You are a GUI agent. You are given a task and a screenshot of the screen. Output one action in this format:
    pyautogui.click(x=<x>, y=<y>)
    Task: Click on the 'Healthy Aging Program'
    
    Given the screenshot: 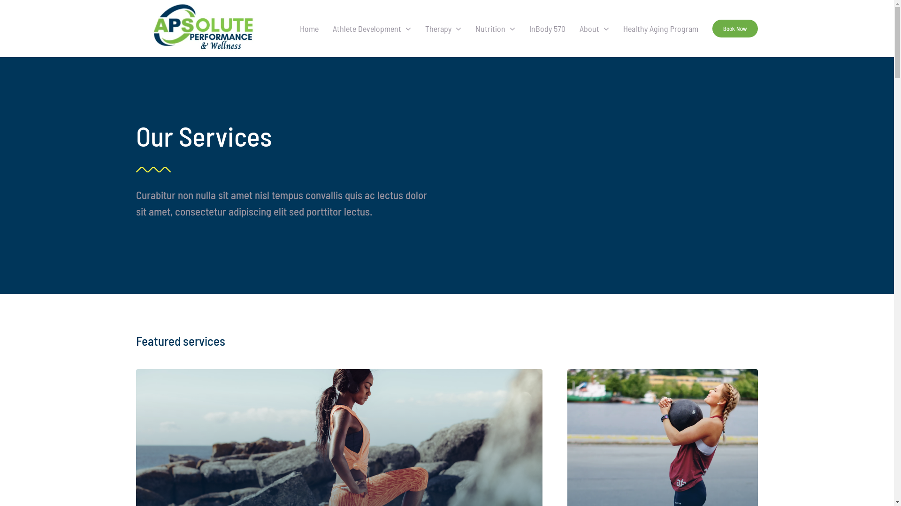 What is the action you would take?
    pyautogui.click(x=660, y=28)
    